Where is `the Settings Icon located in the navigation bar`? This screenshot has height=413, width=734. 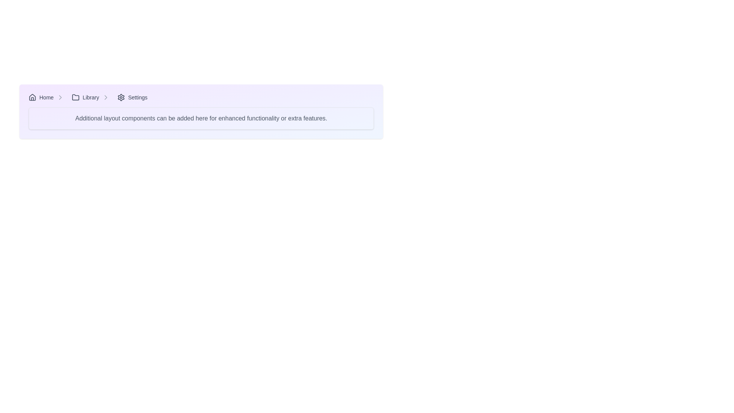
the Settings Icon located in the navigation bar is located at coordinates (121, 97).